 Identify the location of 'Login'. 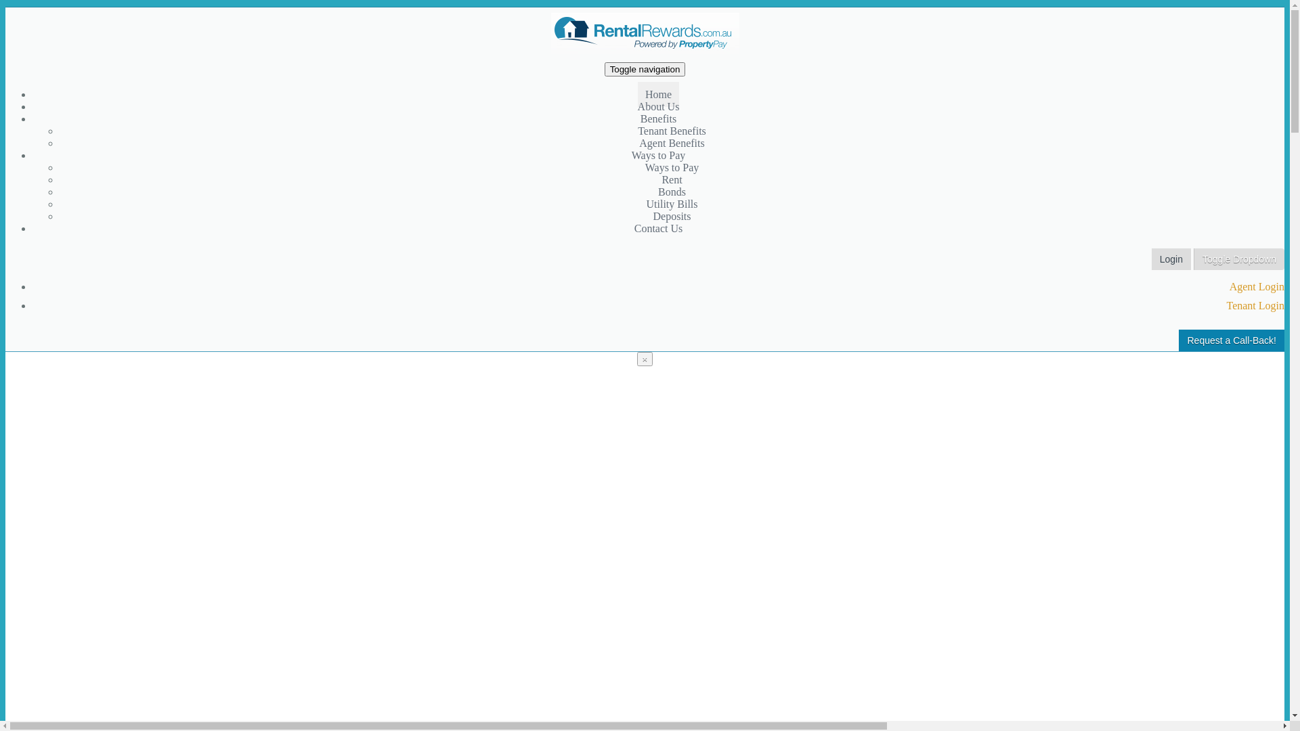
(1170, 259).